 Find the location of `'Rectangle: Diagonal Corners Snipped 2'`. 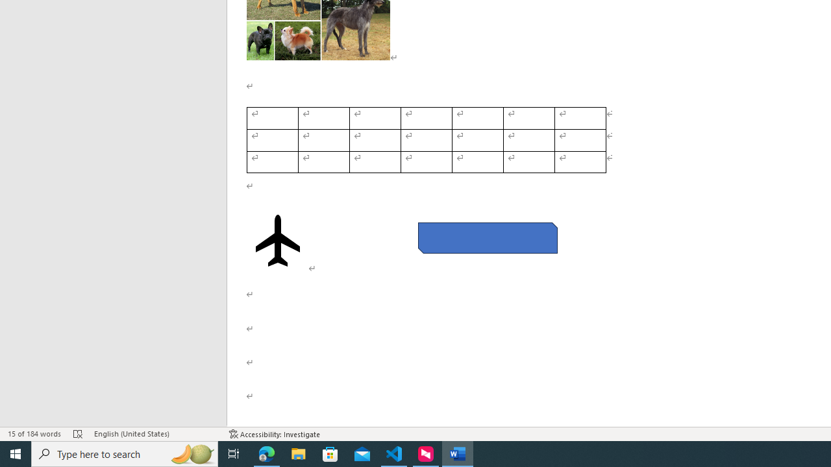

'Rectangle: Diagonal Corners Snipped 2' is located at coordinates (487, 237).